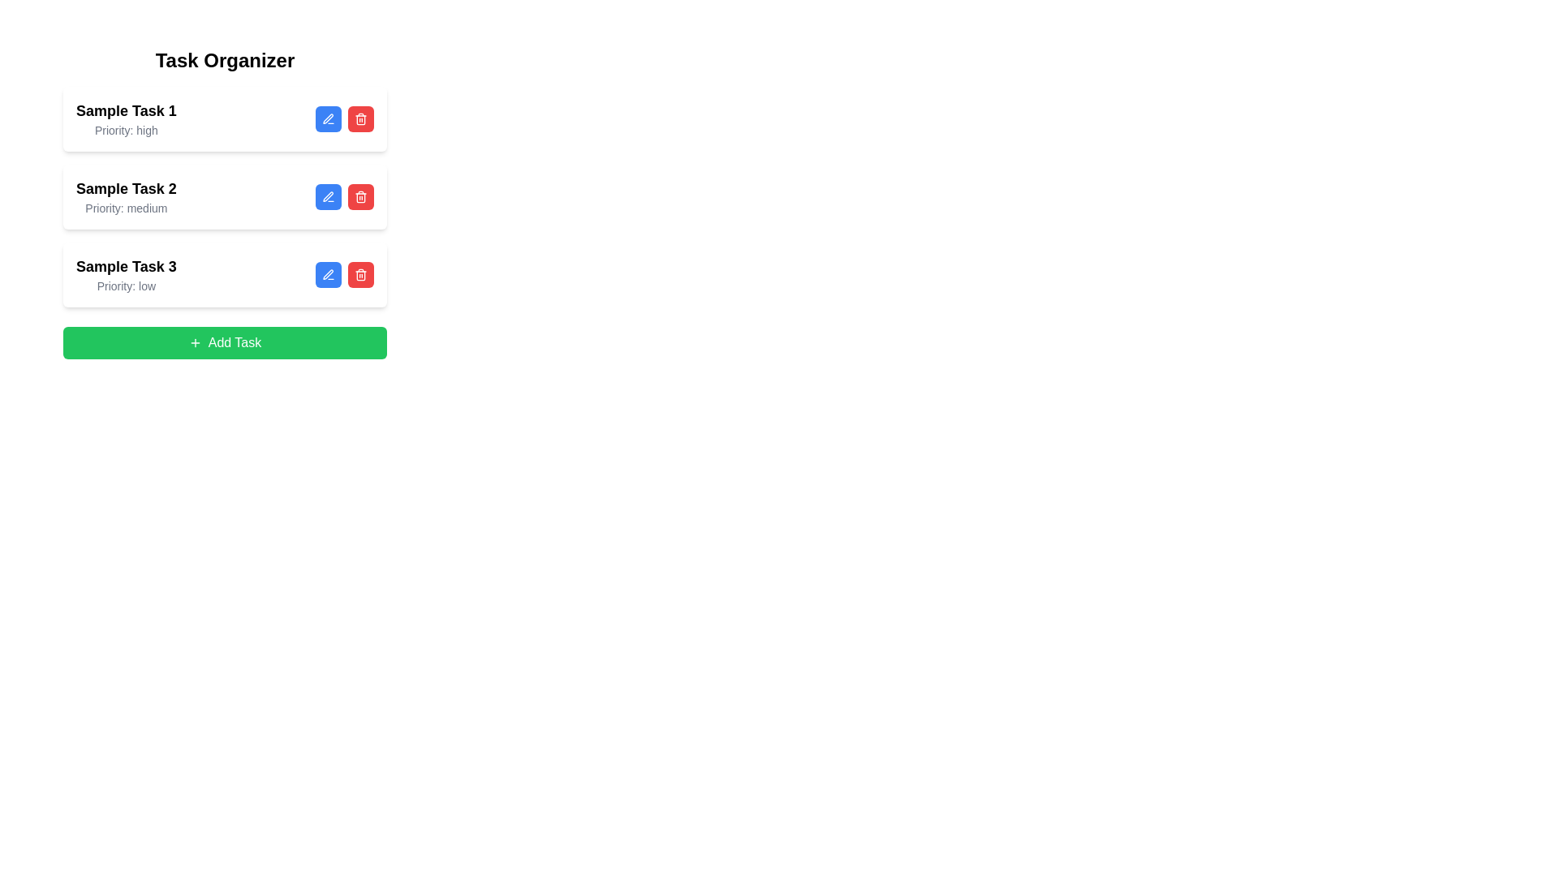 The width and height of the screenshot is (1558, 876). What do you see at coordinates (344, 274) in the screenshot?
I see `the delete button located at the bottom right of the 'Sample Task 3' card's interface within the 'Task Organizer' layout` at bounding box center [344, 274].